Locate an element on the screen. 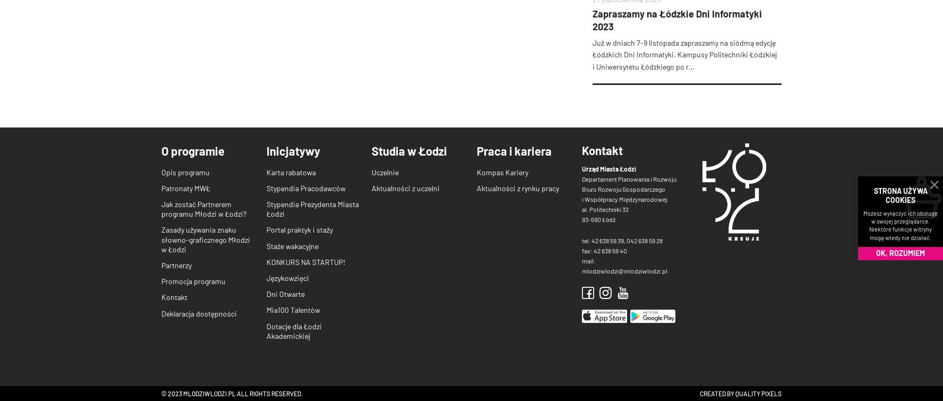  'mlodziwlodzi.pl All rights reserved.' is located at coordinates (181, 392).